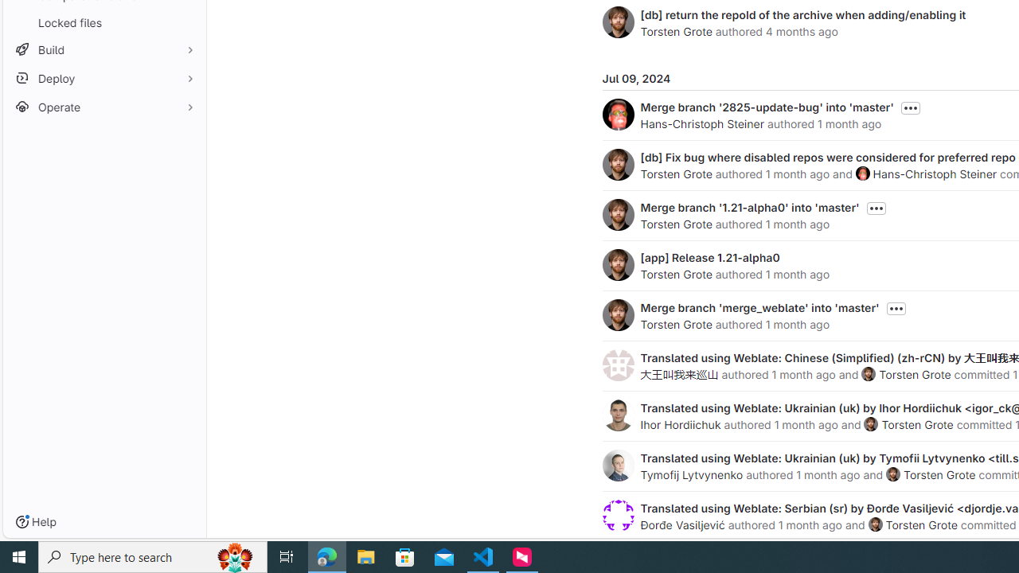  What do you see at coordinates (103, 22) in the screenshot?
I see `'Locked files'` at bounding box center [103, 22].